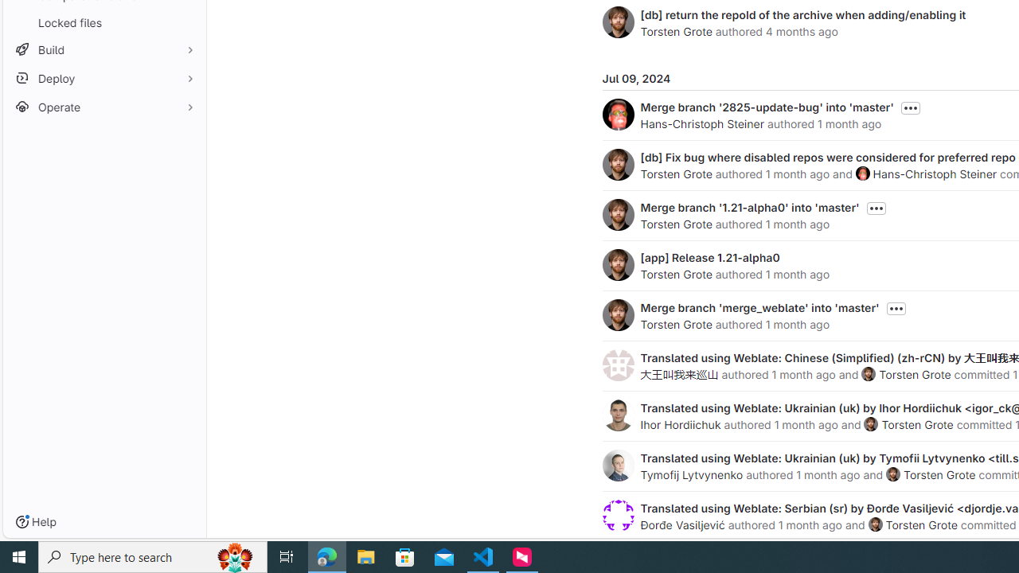  What do you see at coordinates (103, 22) in the screenshot?
I see `'Locked files'` at bounding box center [103, 22].